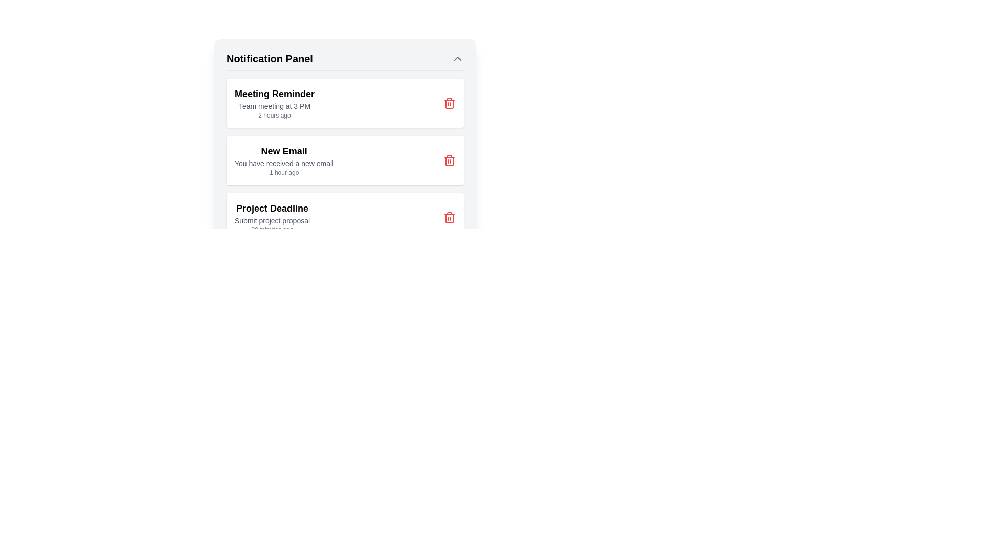 The image size is (982, 552). I want to click on the static text display indicating a new email, which includes a bold title 'New Email', a description 'You have received a new email', and a time indicator '1 hour ago', positioned as the second item in a vertical list of notifications, so click(284, 160).